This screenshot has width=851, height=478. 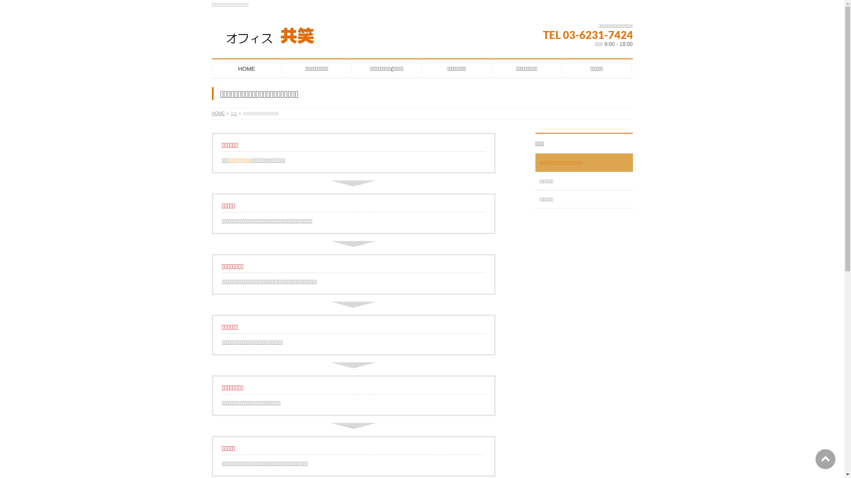 I want to click on 'HOME', so click(x=246, y=68).